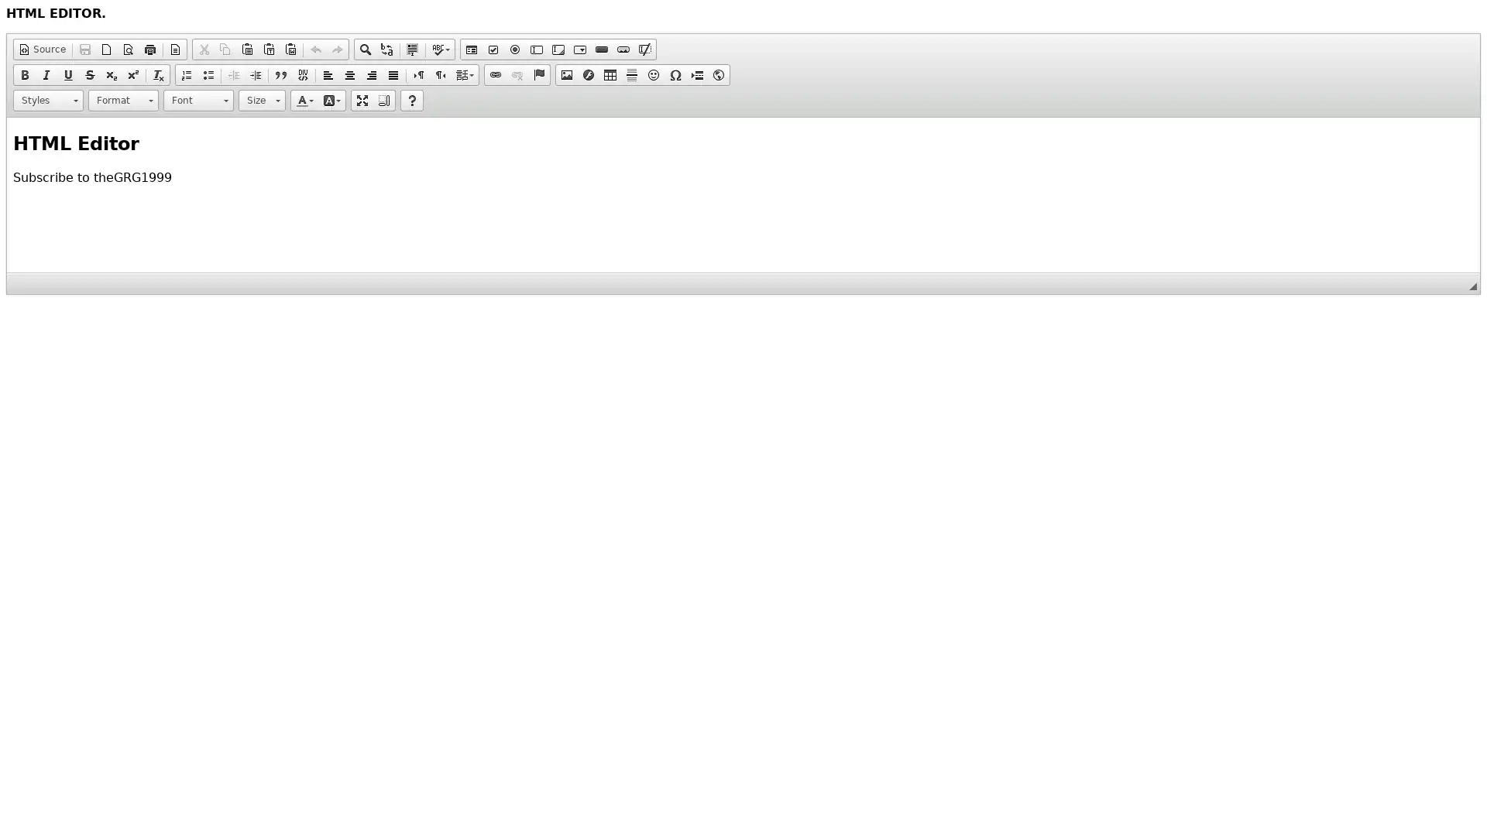 The height and width of the screenshot is (836, 1487). Describe the element at coordinates (412, 101) in the screenshot. I see `About CKEditor` at that location.